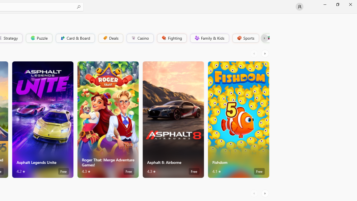 The image size is (357, 201). What do you see at coordinates (245, 38) in the screenshot?
I see `'Sports'` at bounding box center [245, 38].